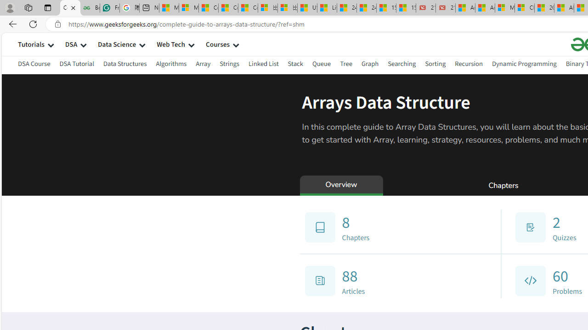  What do you see at coordinates (295, 63) in the screenshot?
I see `'Stack'` at bounding box center [295, 63].